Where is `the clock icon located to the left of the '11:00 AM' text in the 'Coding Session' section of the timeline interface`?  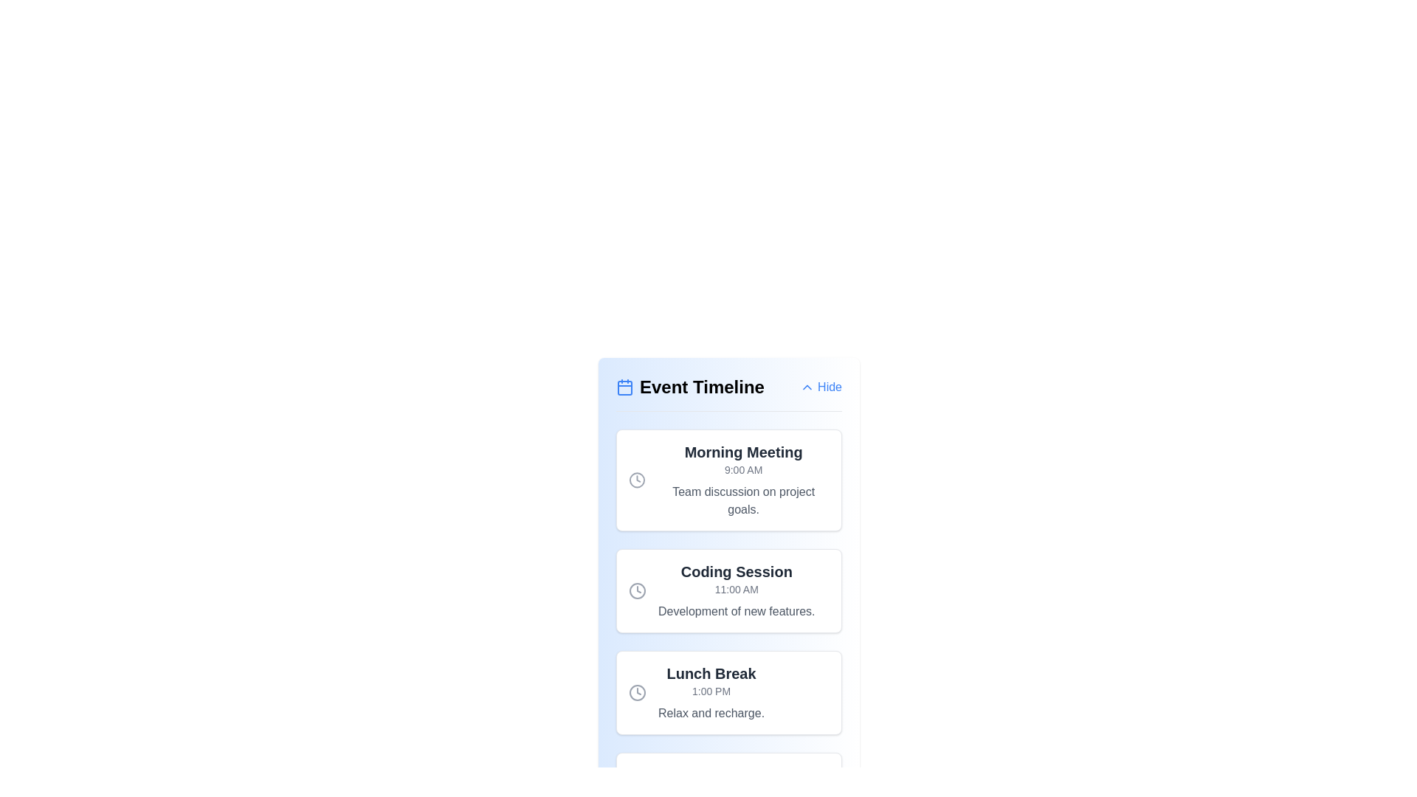
the clock icon located to the left of the '11:00 AM' text in the 'Coding Session' section of the timeline interface is located at coordinates (638, 590).